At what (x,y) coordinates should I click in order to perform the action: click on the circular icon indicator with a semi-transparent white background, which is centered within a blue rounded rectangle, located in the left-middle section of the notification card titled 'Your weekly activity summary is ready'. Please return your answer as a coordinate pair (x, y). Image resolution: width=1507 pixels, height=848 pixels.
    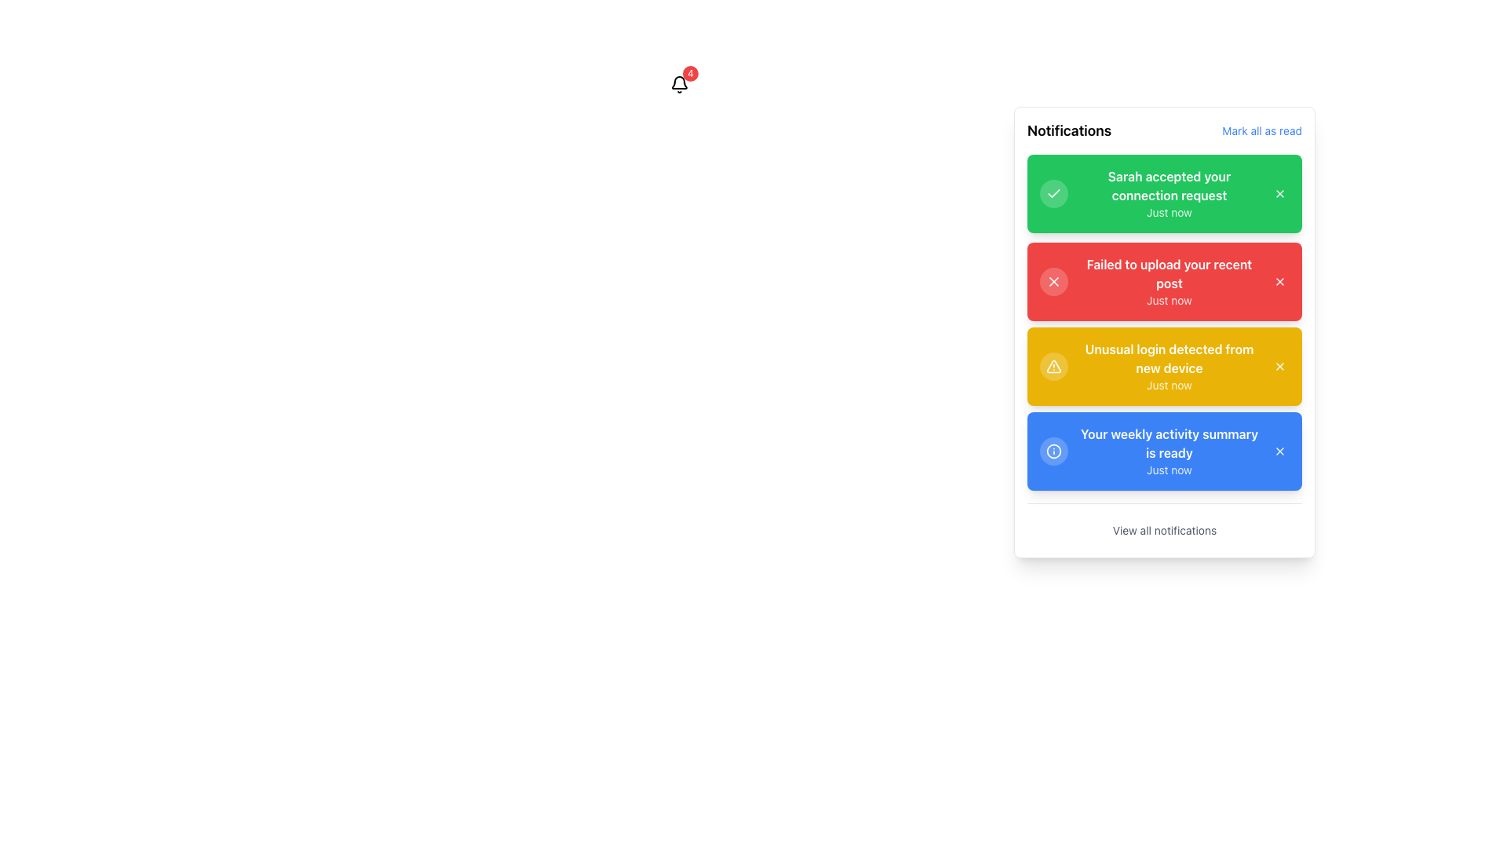
    Looking at the image, I should click on (1054, 451).